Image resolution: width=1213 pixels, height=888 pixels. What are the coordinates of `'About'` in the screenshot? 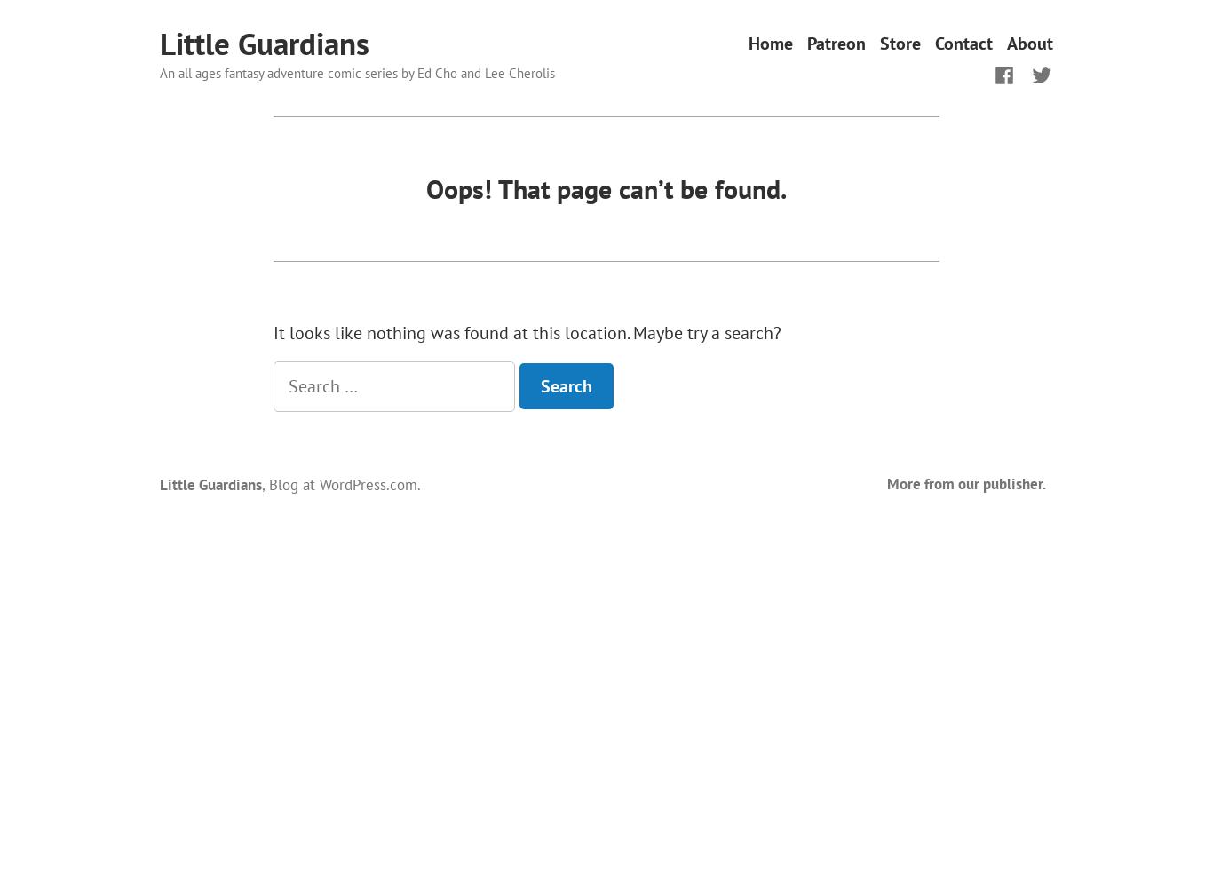 It's located at (1030, 44).